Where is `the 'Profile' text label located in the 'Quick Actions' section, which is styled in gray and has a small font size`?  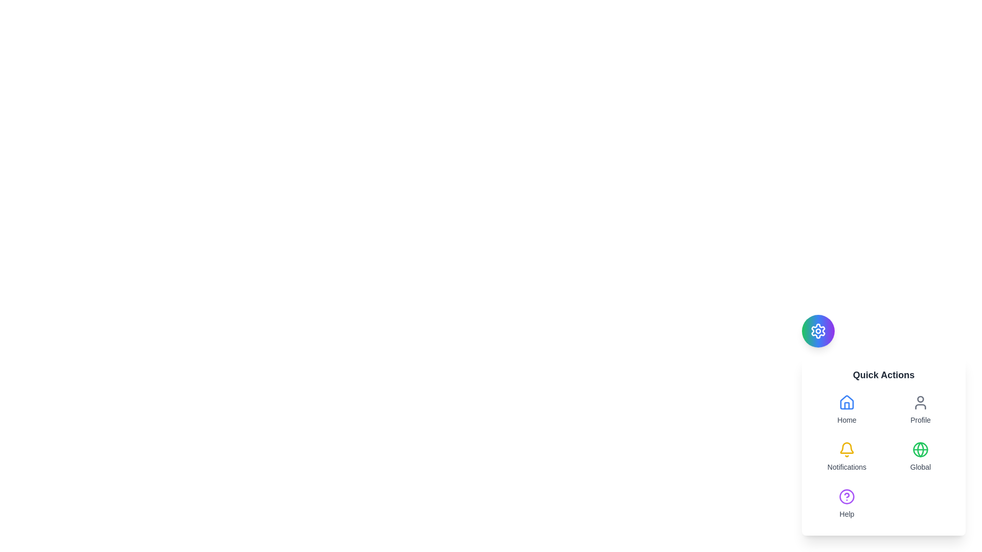
the 'Profile' text label located in the 'Quick Actions' section, which is styled in gray and has a small font size is located at coordinates (921, 420).